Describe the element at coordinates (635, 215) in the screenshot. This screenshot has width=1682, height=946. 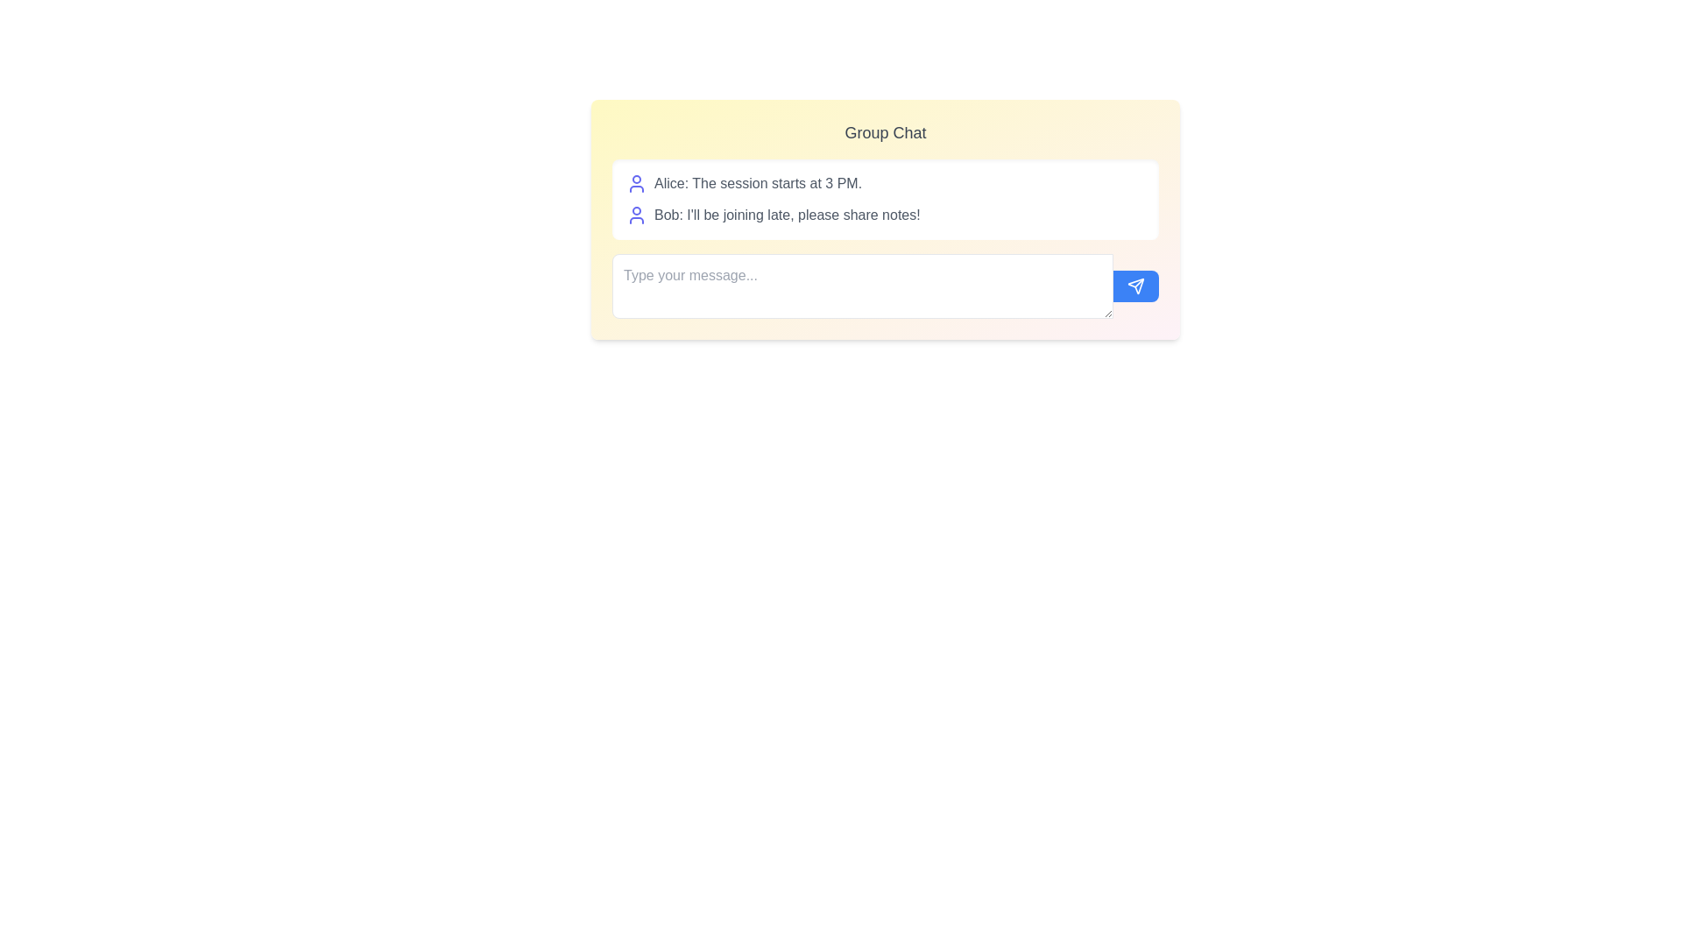
I see `the Avatar icon representing the user Bob, who sent the message about joining late` at that location.